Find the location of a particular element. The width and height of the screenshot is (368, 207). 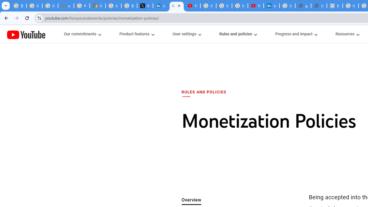

'Product features menupopup' is located at coordinates (136, 34).